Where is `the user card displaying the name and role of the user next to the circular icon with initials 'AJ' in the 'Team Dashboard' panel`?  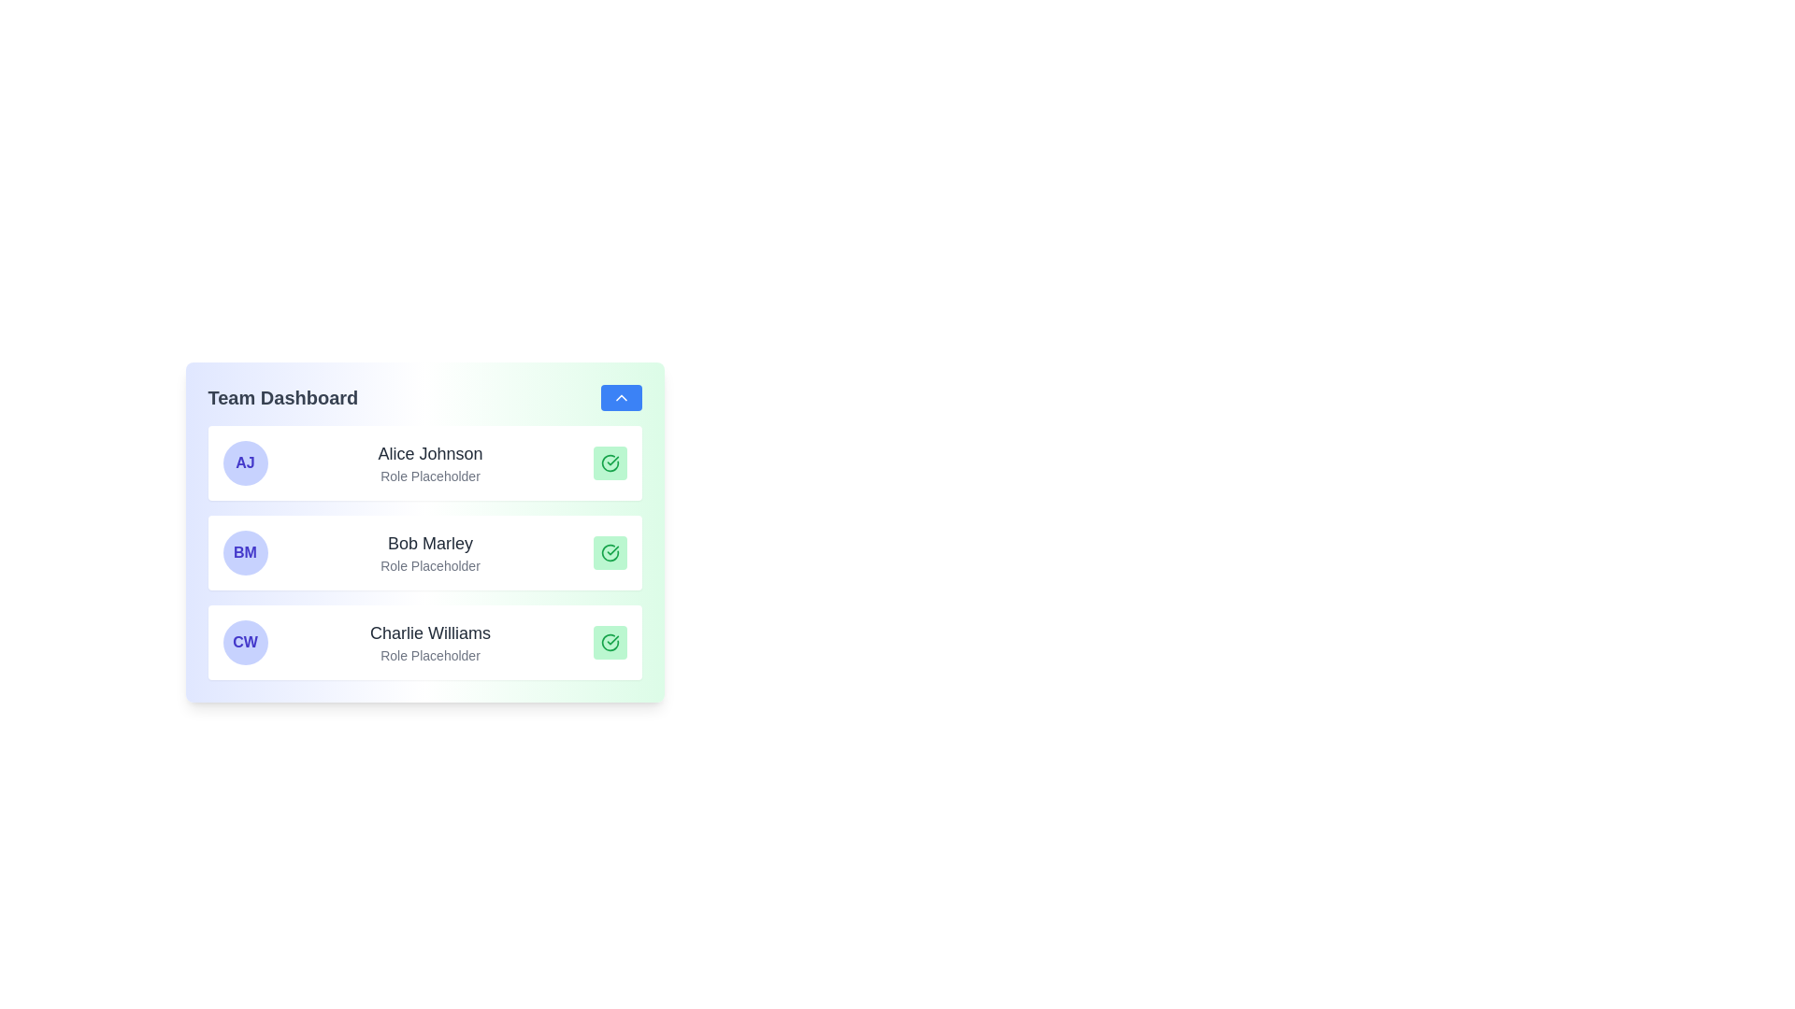 the user card displaying the name and role of the user next to the circular icon with initials 'AJ' in the 'Team Dashboard' panel is located at coordinates (429, 462).